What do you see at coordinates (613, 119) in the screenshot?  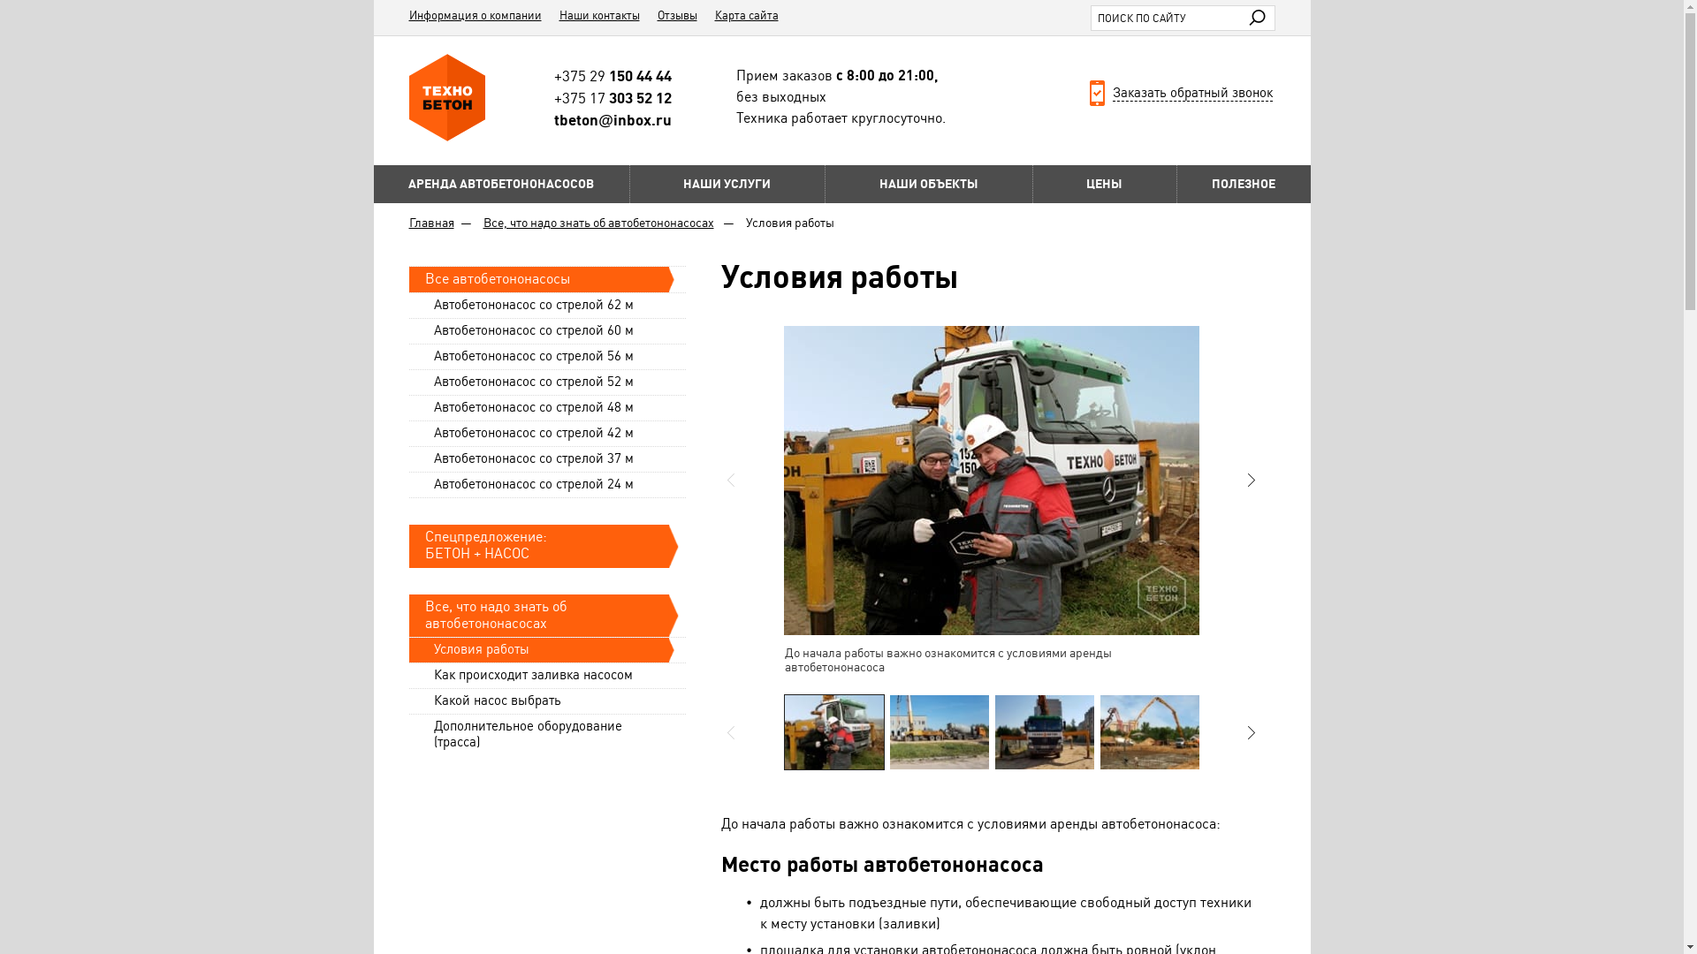 I see `'tbeton@inbox.ru'` at bounding box center [613, 119].